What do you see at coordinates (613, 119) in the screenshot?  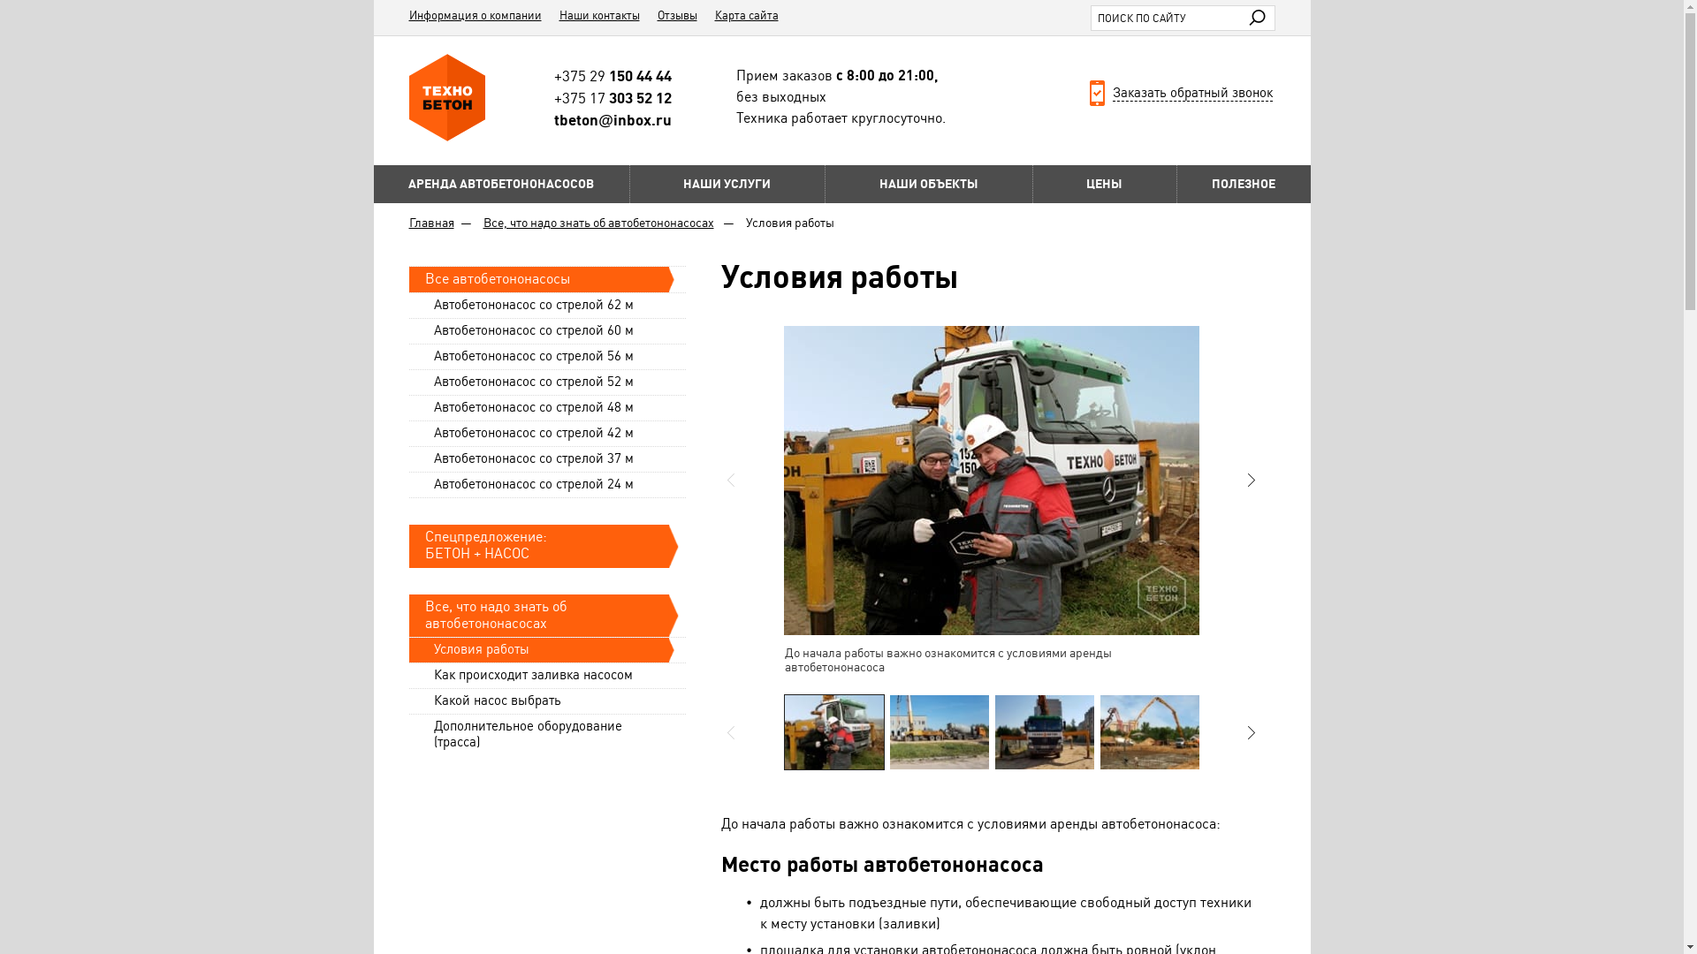 I see `'tbeton@inbox.ru'` at bounding box center [613, 119].